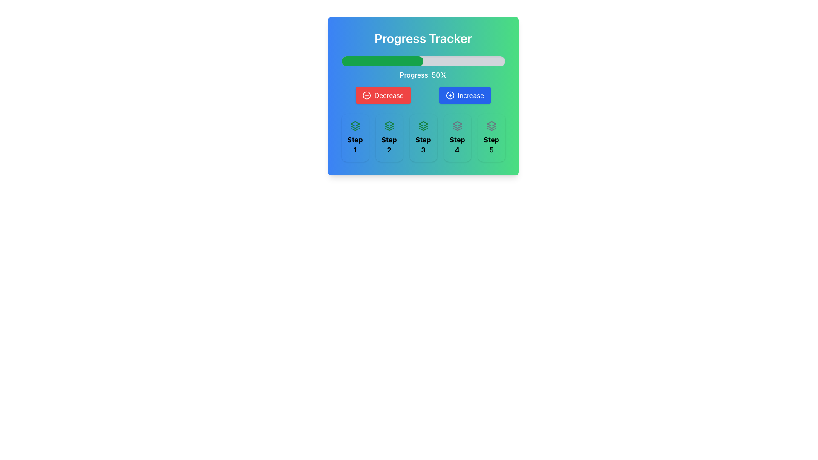 The height and width of the screenshot is (460, 818). I want to click on text of the bold, black-colored label displaying 'Step 3', which is positioned directly below the stacked icon in the third step card of the progress tracker interface, so click(423, 144).